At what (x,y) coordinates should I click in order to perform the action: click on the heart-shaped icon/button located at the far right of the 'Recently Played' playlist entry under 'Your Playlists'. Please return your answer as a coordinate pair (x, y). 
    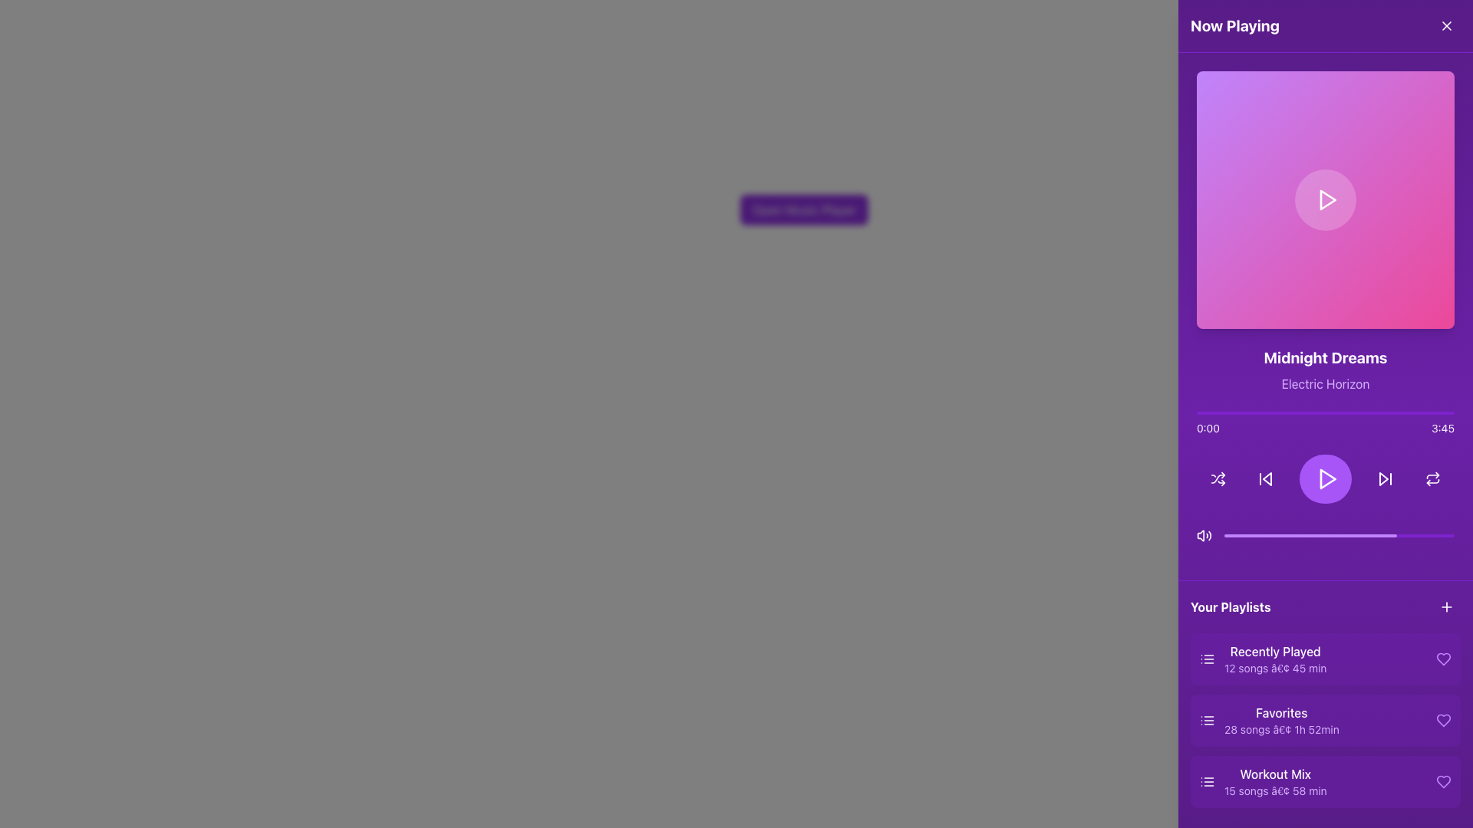
    Looking at the image, I should click on (1442, 659).